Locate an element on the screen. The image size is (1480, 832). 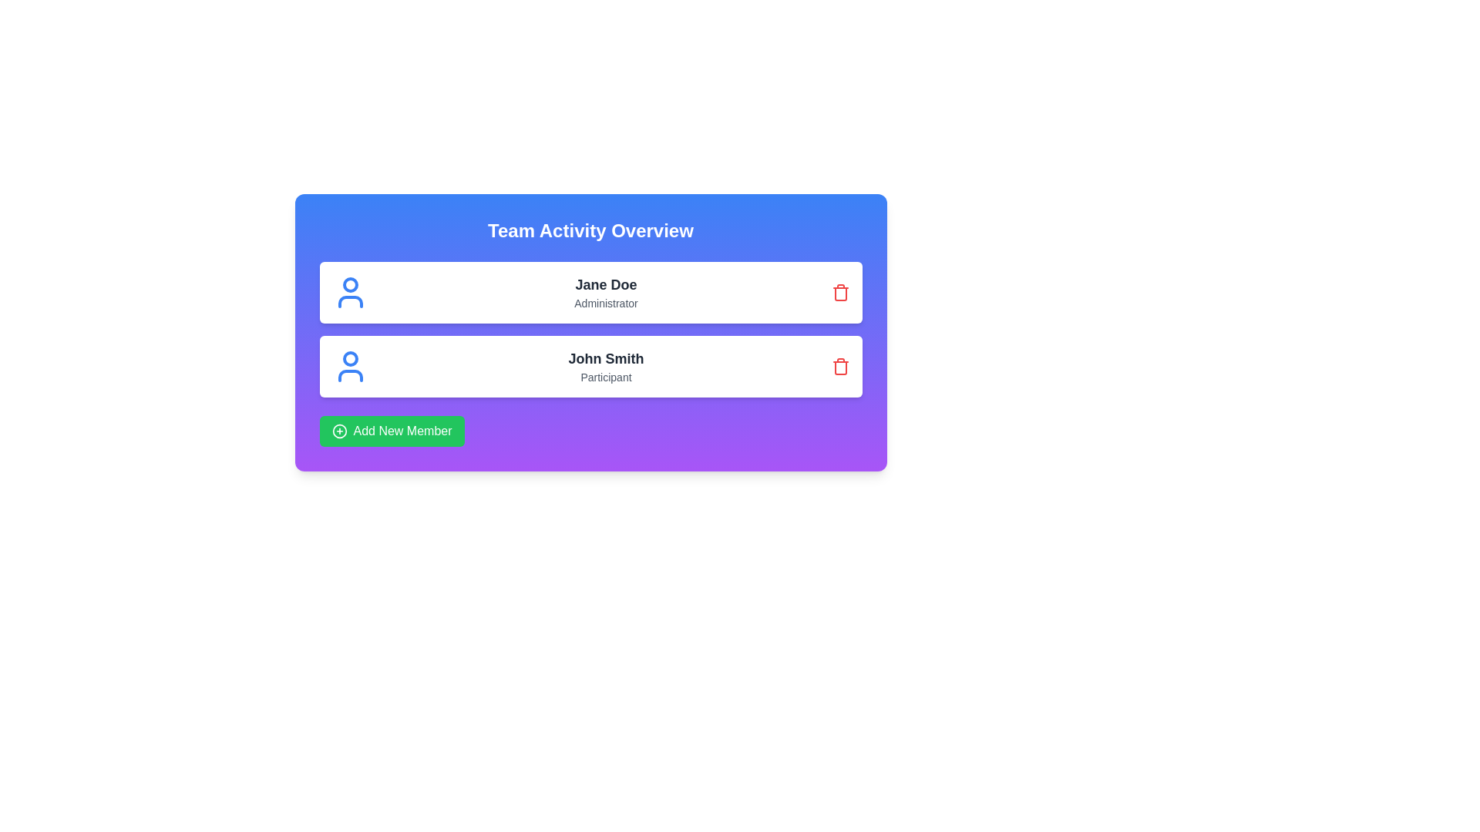
the static text display component containing 'John Smith' and 'Participant' located in the second entry of the item list under the 'Team Activity Overview' heading is located at coordinates (605, 366).